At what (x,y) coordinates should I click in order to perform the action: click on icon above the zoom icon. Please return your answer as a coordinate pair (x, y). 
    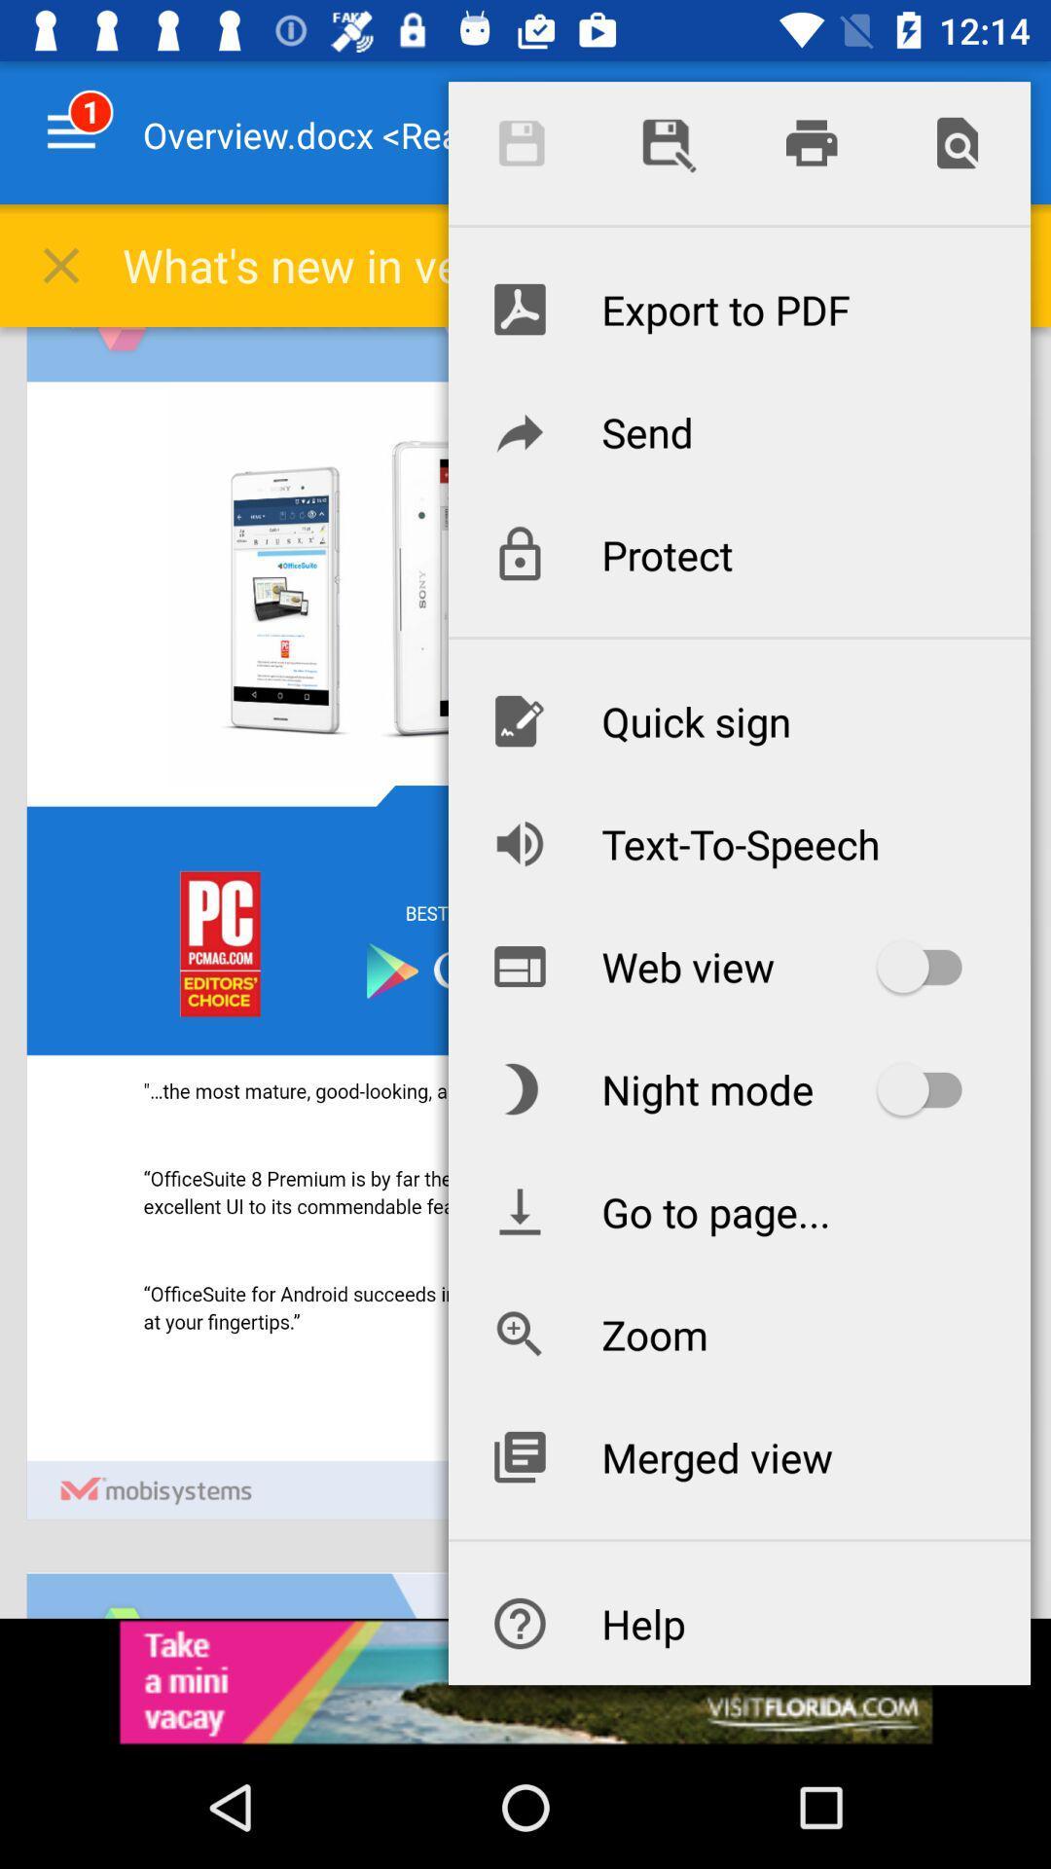
    Looking at the image, I should click on (739, 1210).